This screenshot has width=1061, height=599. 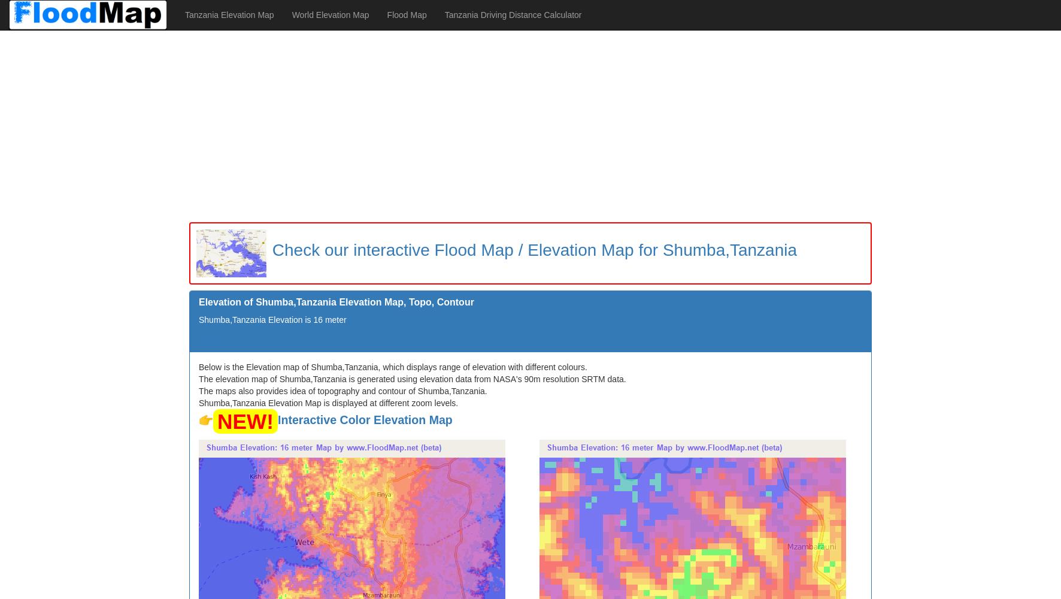 I want to click on 'Tweet', so click(x=210, y=338).